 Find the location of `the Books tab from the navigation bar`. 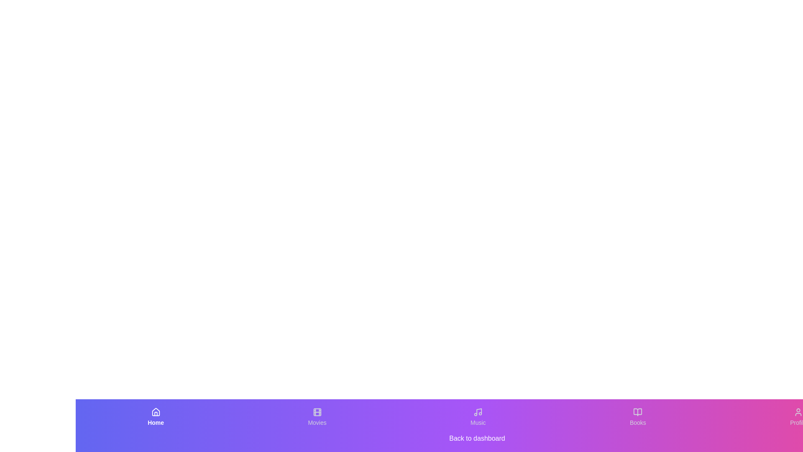

the Books tab from the navigation bar is located at coordinates (637, 417).